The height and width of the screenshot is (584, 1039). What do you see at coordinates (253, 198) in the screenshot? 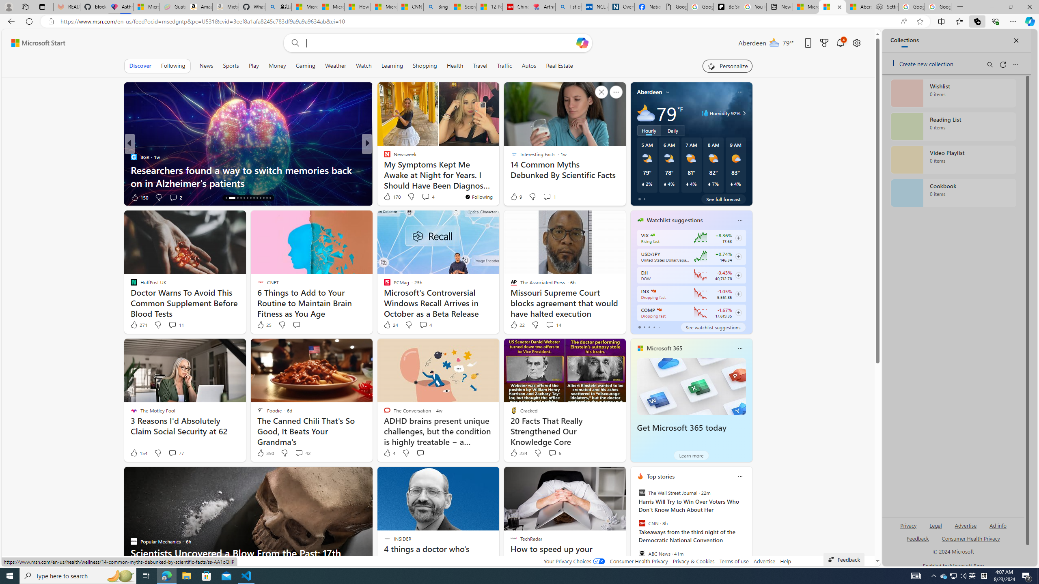
I see `'AutomationID: tab-21'` at bounding box center [253, 198].